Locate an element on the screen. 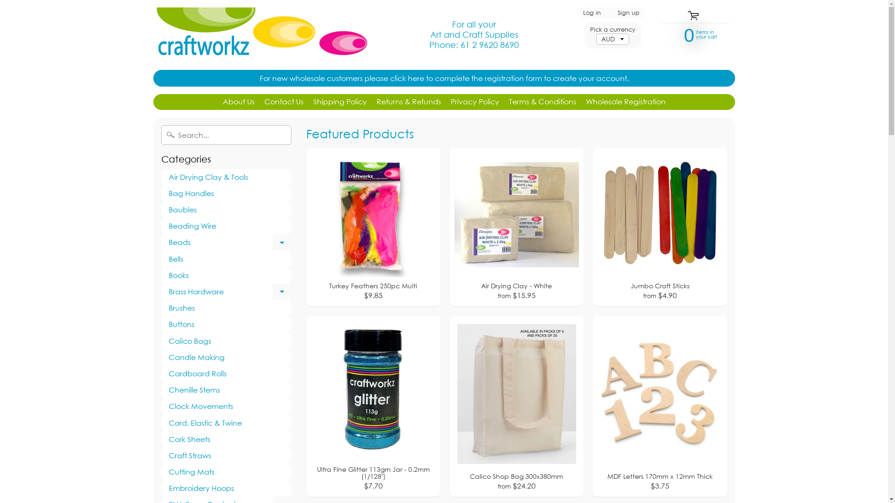 The height and width of the screenshot is (503, 895). 'Air Drying Clay - White is located at coordinates (516, 227).